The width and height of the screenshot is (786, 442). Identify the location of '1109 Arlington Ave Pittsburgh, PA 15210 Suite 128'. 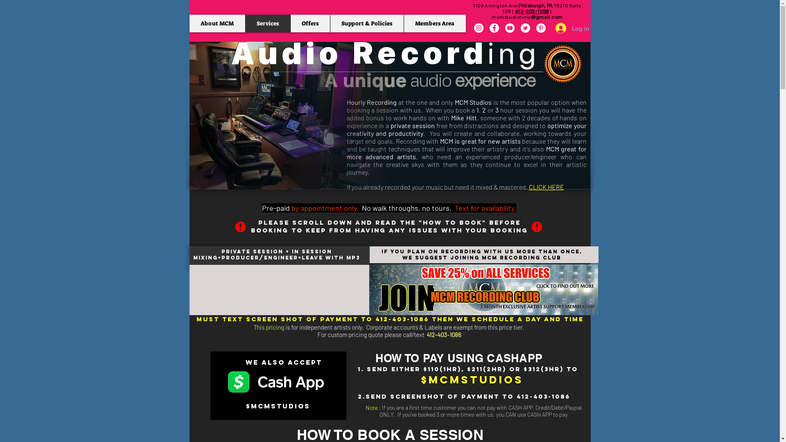
(527, 8).